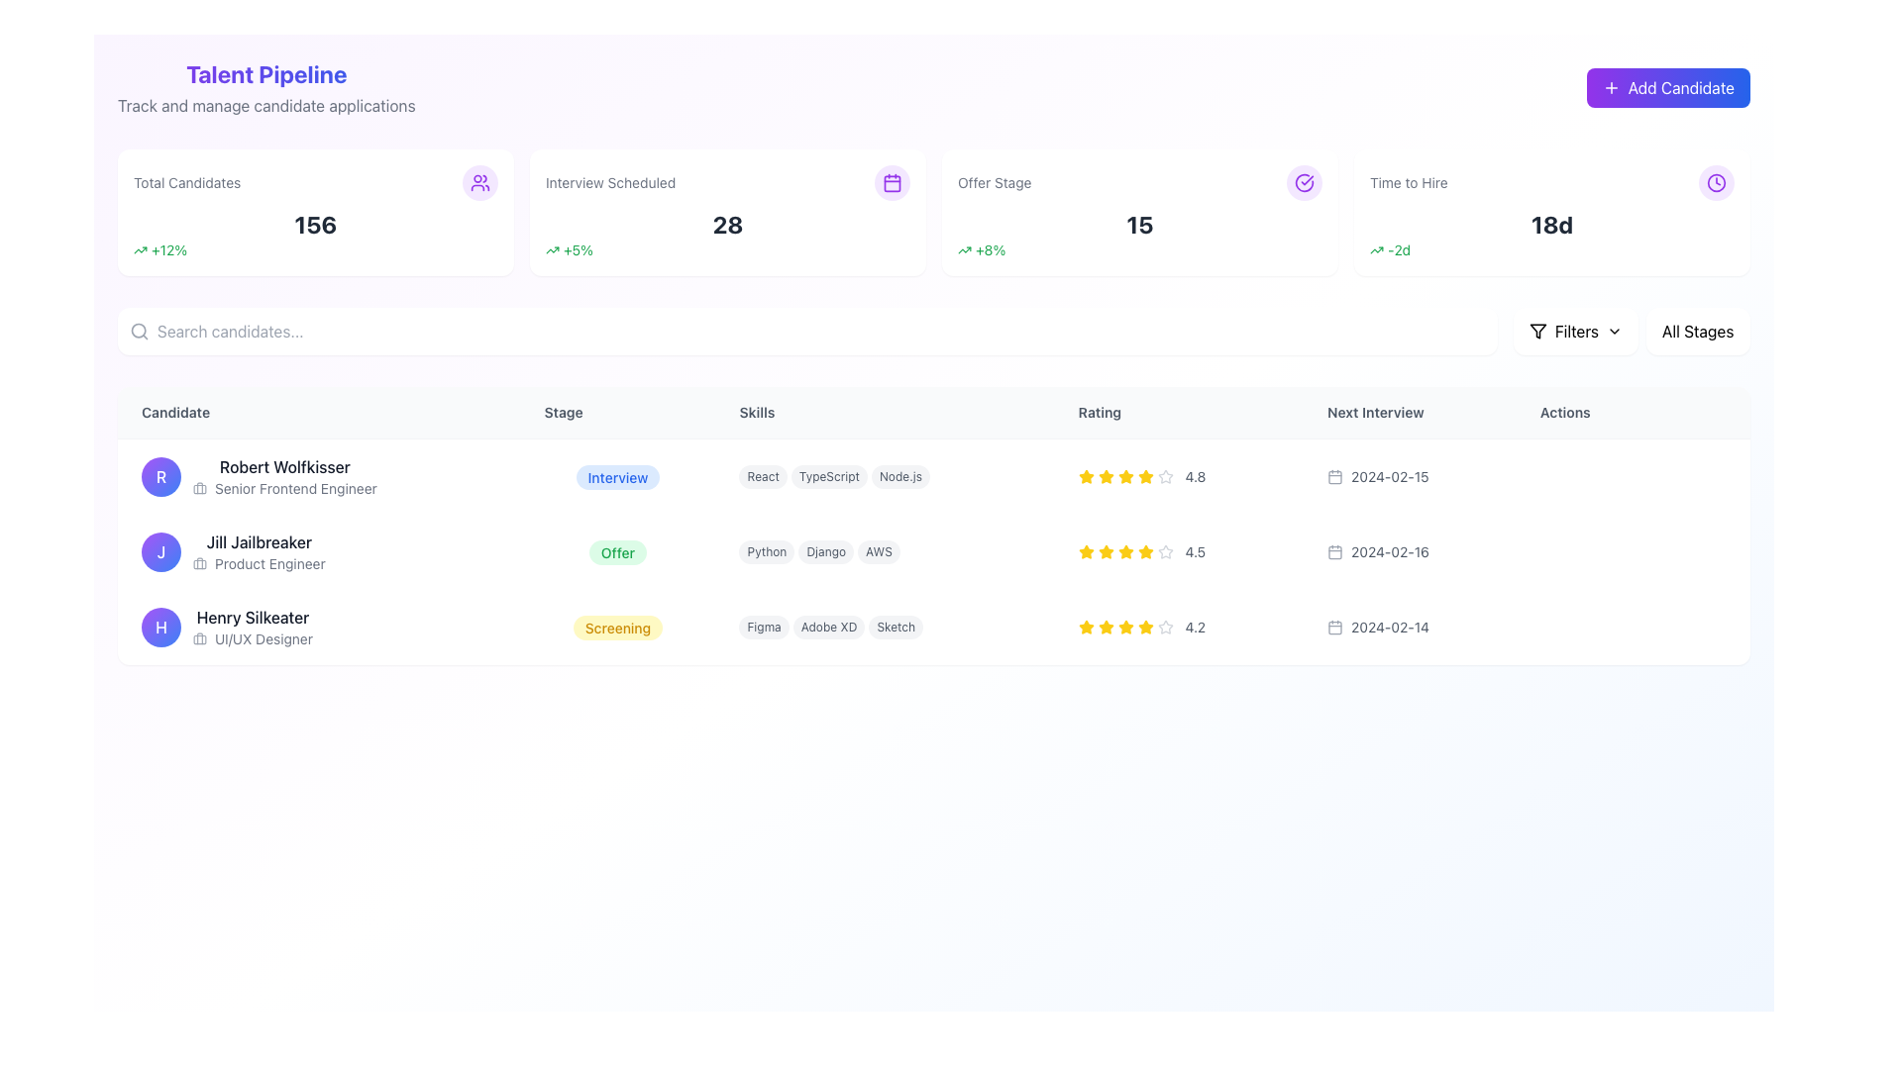 The height and width of the screenshot is (1069, 1902). I want to click on the static text label that provides context for the numeric value '156', located in the top-left section of a card-like widget, so click(187, 183).